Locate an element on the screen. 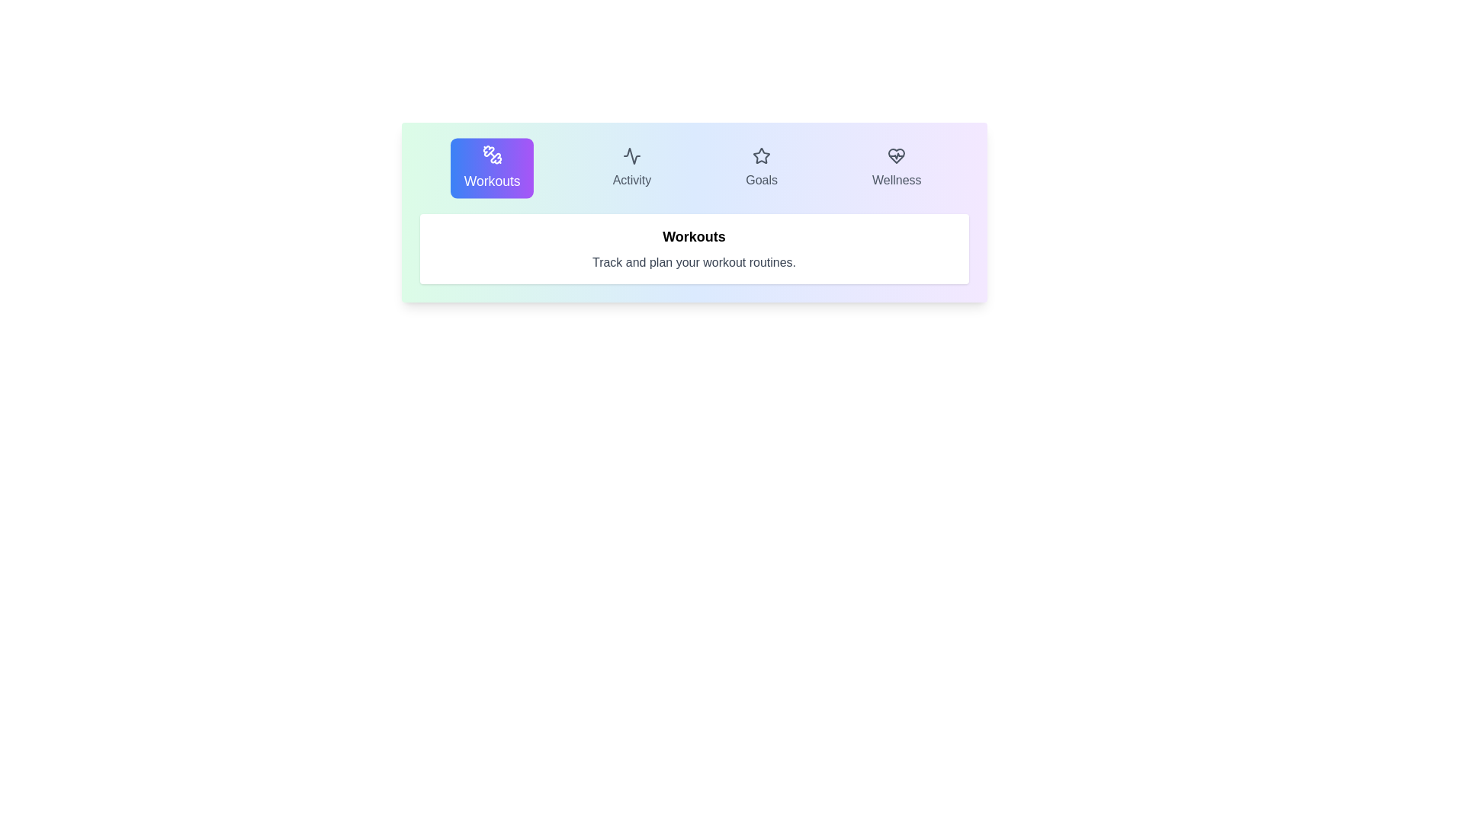 Image resolution: width=1464 pixels, height=823 pixels. the 'Activity' icon in the navigation bar is located at coordinates (632, 155).